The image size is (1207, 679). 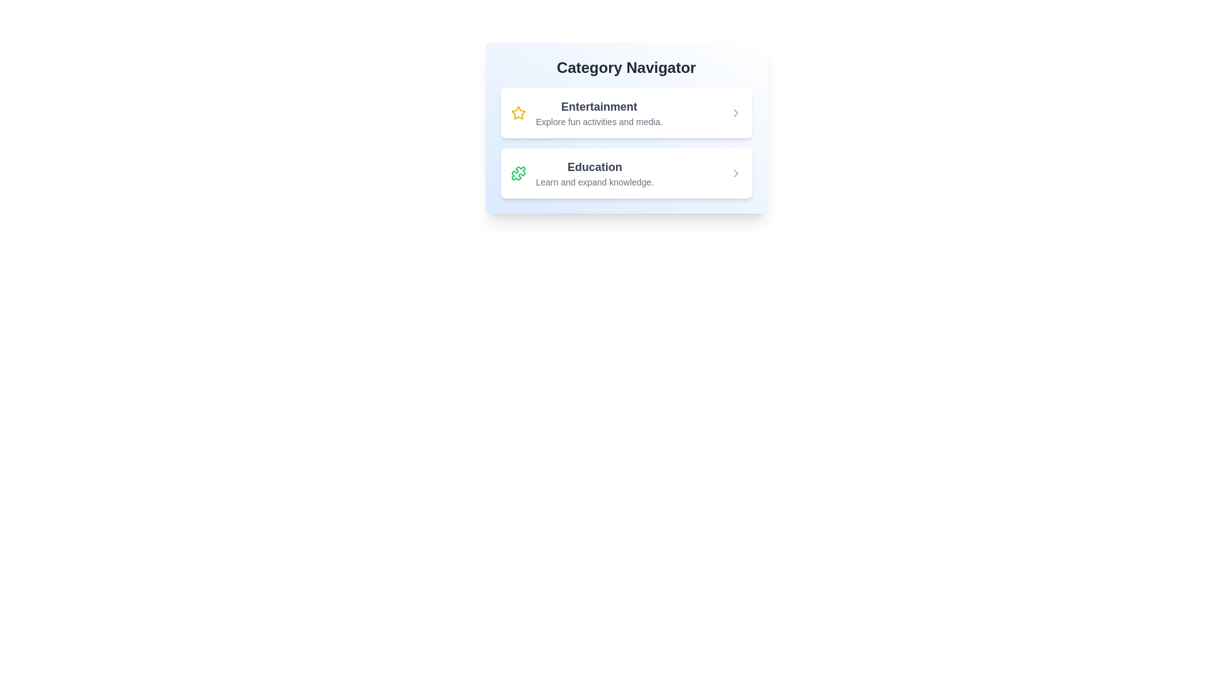 I want to click on text label displaying 'Learn and expand knowledge.' which is positioned directly below the 'Education' title in the Education section, so click(x=594, y=182).